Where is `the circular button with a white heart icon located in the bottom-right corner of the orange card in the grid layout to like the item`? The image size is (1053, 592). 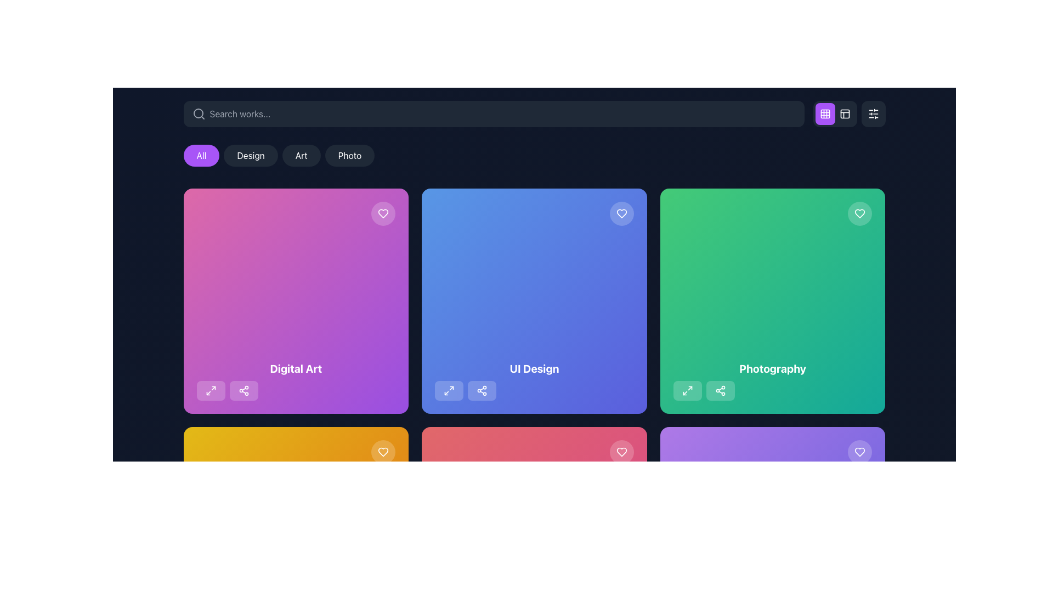
the circular button with a white heart icon located in the bottom-right corner of the orange card in the grid layout to like the item is located at coordinates (383, 452).